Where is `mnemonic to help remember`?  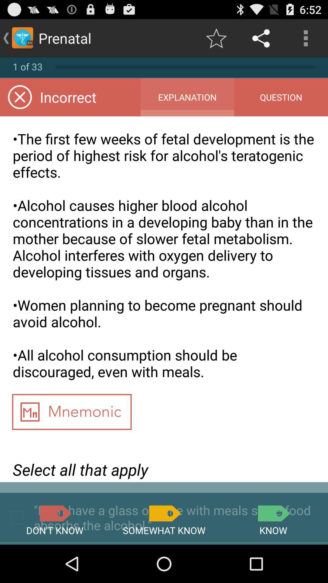 mnemonic to help remember is located at coordinates (71, 414).